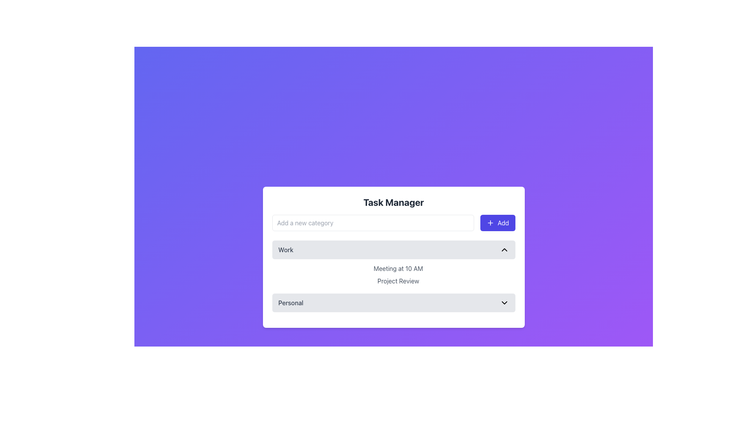 The image size is (748, 421). What do you see at coordinates (393, 264) in the screenshot?
I see `the text label displaying 'Meeting at 10 AM' and 'Project Review' within the 'Work' section of the 'Task Manager'` at bounding box center [393, 264].